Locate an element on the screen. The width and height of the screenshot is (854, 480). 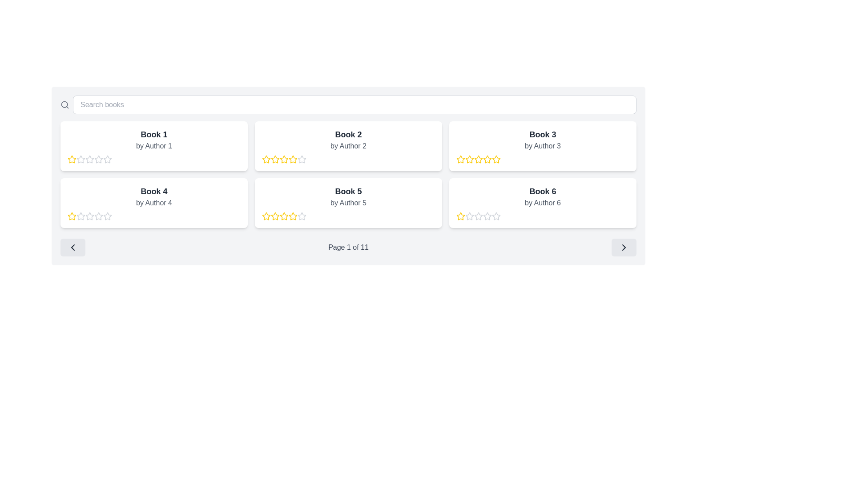
the fifth rating star icon representing 'Book 6' is located at coordinates (487, 216).